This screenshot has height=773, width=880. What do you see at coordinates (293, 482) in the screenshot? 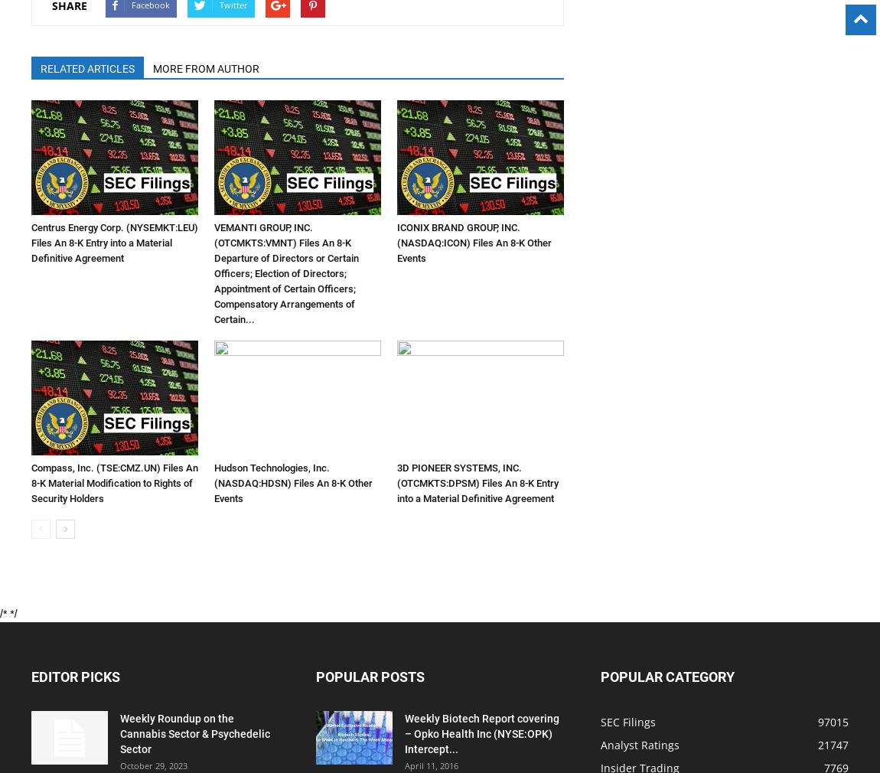
I see `'Hudson     Technologies, Inc. (NASDAQ:HDSN) Files An 8-K Other Events'` at bounding box center [293, 482].